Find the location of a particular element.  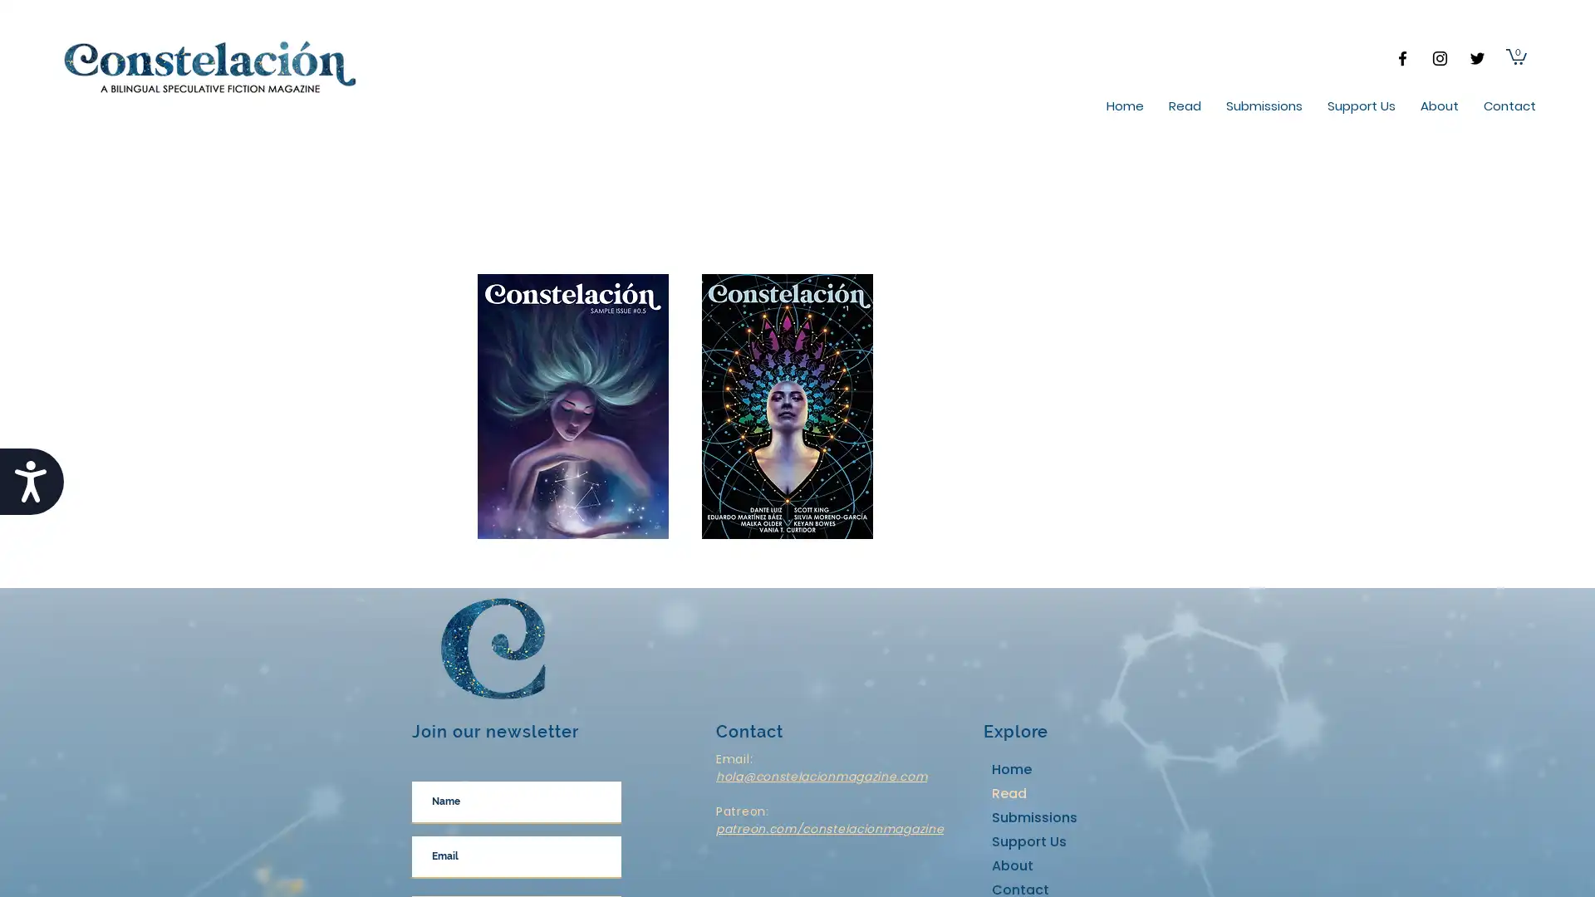

Close is located at coordinates (1574, 867).